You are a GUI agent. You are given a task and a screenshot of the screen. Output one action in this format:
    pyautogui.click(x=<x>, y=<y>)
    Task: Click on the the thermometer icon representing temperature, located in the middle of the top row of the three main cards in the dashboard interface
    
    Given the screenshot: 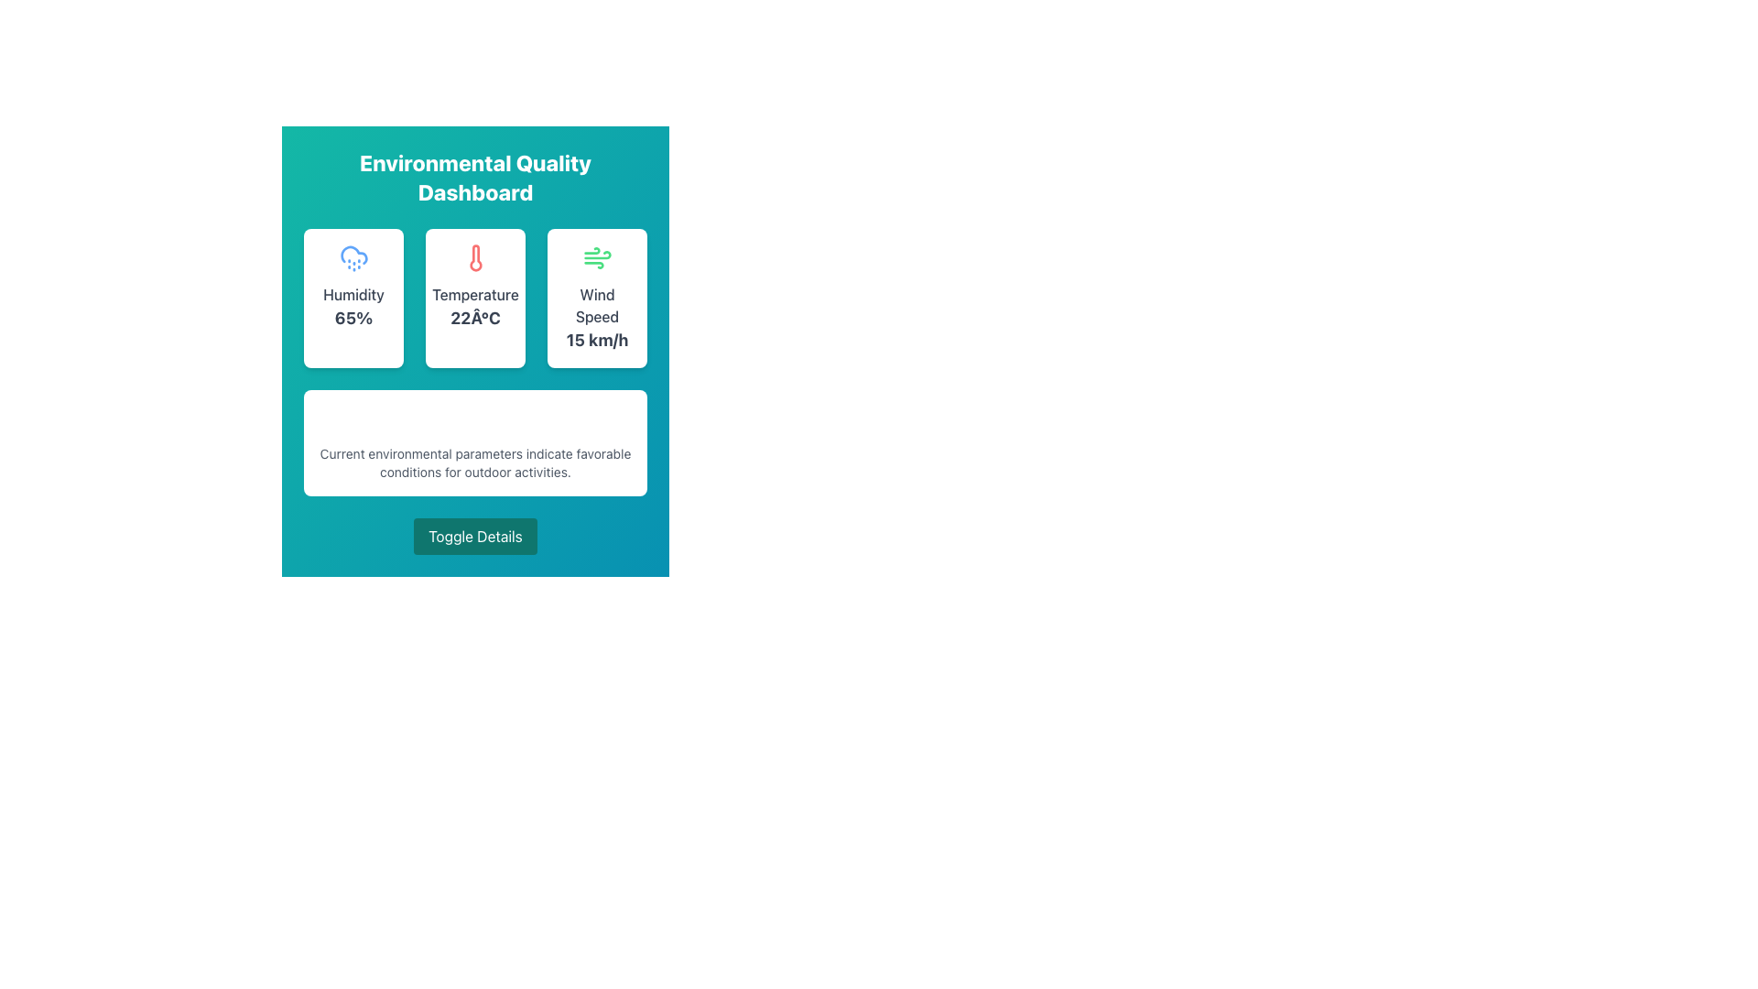 What is the action you would take?
    pyautogui.click(x=475, y=257)
    